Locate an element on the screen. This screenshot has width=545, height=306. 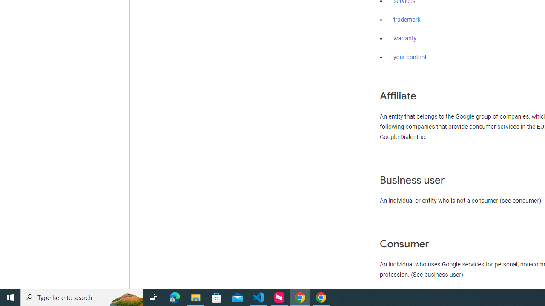
'trademark' is located at coordinates (407, 20).